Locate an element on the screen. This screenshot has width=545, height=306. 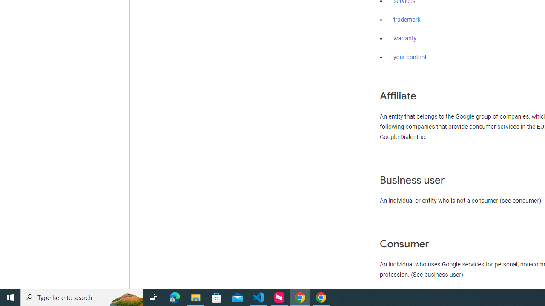
'trademark' is located at coordinates (407, 20).